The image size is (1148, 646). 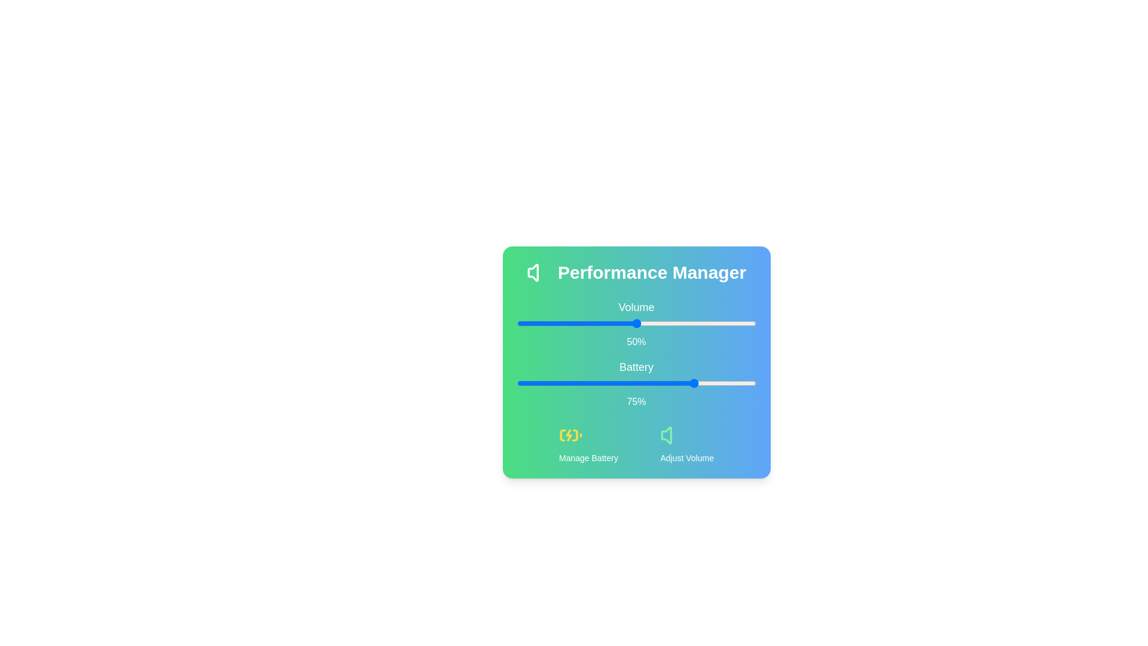 What do you see at coordinates (655, 323) in the screenshot?
I see `the volume slider to 58%` at bounding box center [655, 323].